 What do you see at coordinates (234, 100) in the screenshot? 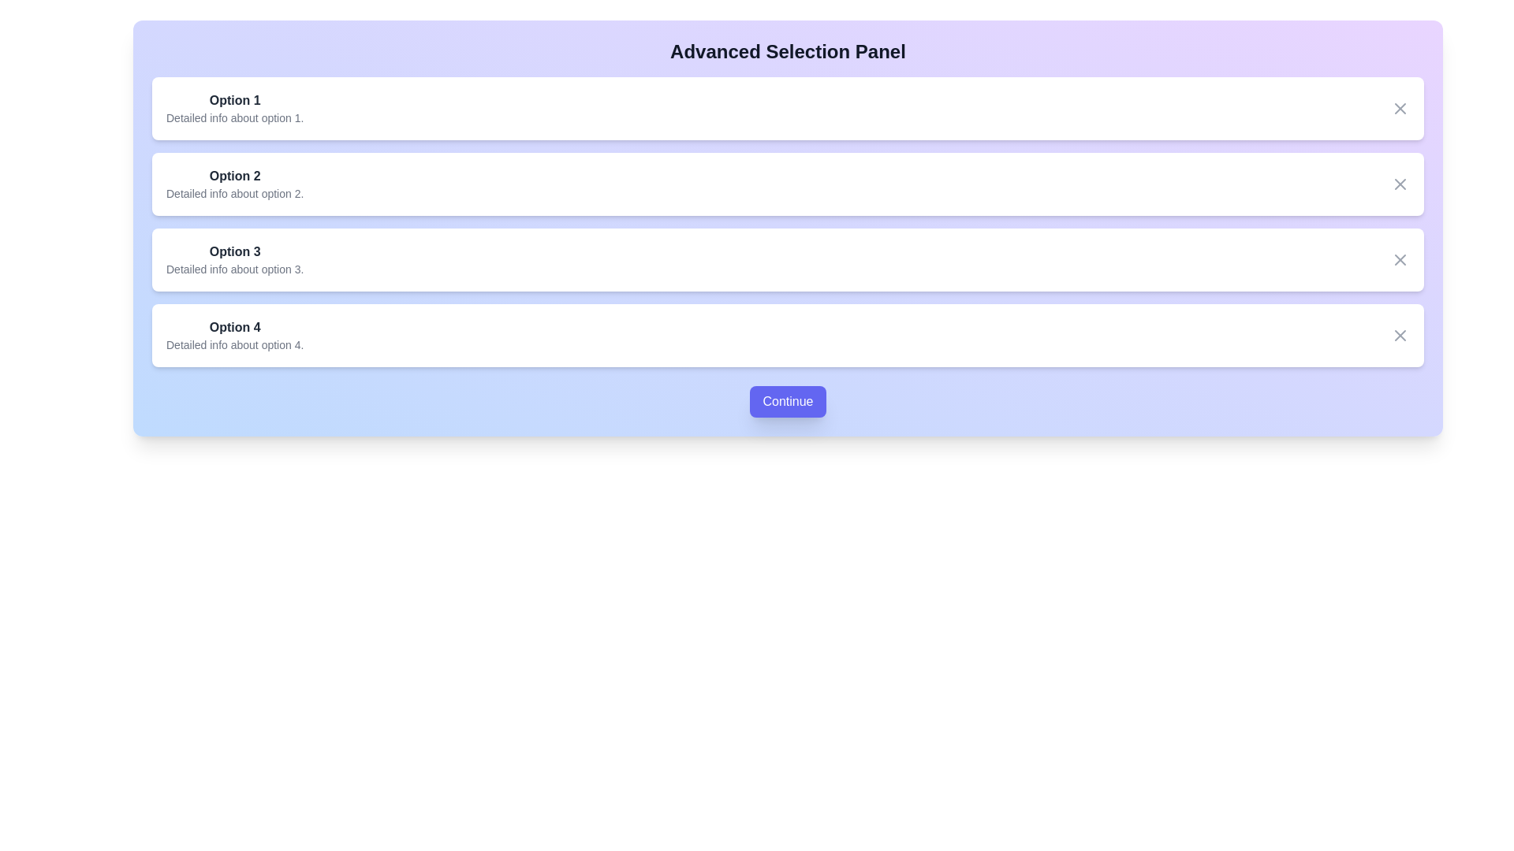
I see `the text label displaying 'Option 1' which is bold and dark gray, located within the upper-left corner of a white rounded rectangle card` at bounding box center [234, 100].